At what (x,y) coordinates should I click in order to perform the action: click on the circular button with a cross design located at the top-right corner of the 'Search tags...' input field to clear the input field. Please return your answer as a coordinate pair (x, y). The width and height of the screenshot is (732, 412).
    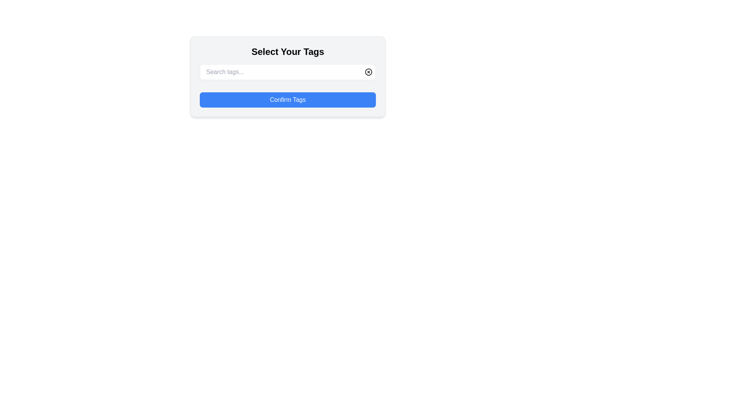
    Looking at the image, I should click on (368, 72).